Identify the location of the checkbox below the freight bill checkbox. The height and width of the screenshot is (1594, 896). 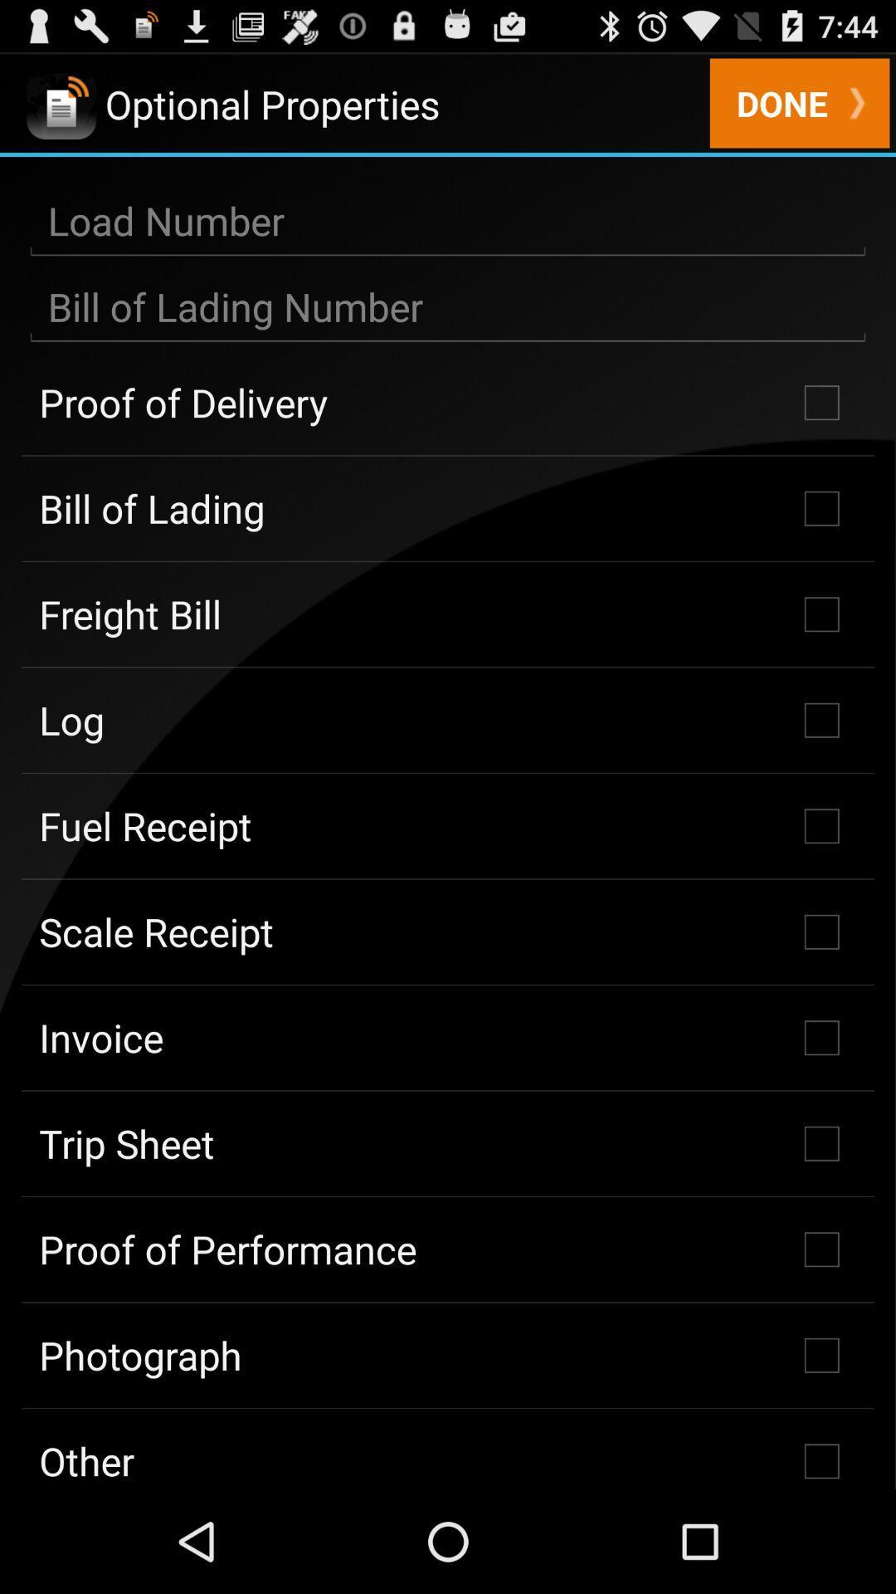
(448, 720).